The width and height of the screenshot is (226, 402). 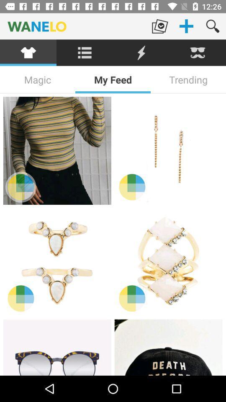 I want to click on the magic item, so click(x=37, y=80).